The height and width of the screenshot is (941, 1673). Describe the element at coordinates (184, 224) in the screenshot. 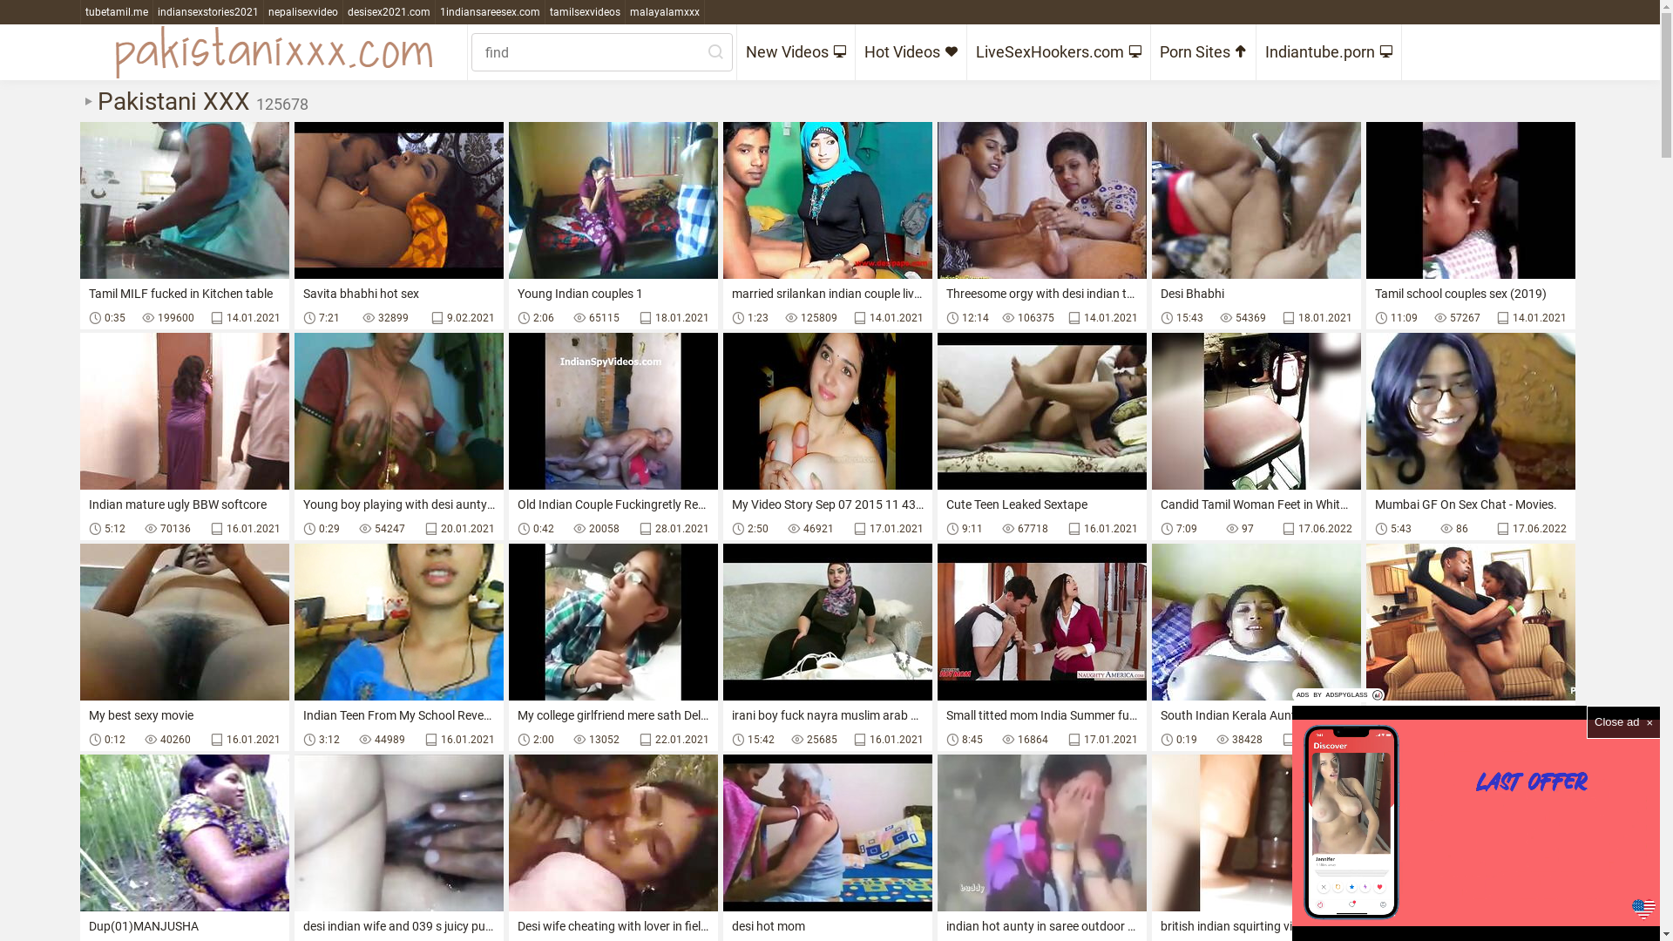

I see `'Tamil MILF fucked in Kitchen table` at that location.